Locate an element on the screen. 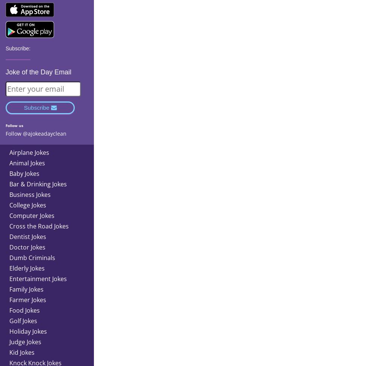 The height and width of the screenshot is (366, 370). 'Follow us' is located at coordinates (14, 125).